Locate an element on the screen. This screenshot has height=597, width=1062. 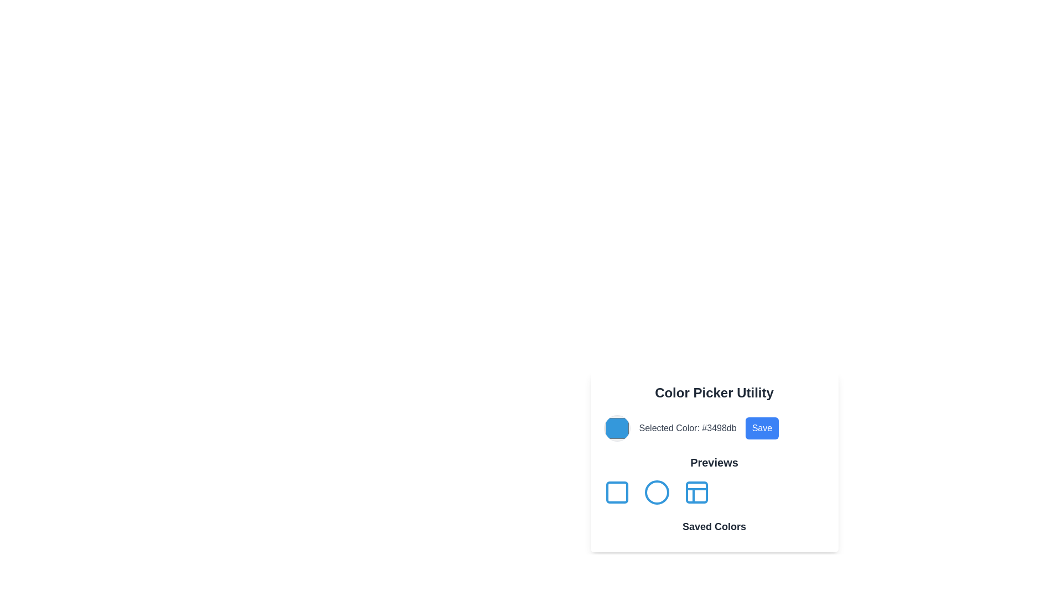
text element labeled 'Previews', which is prominently displayed in bold, enlarged grayish-black font, positioned below the 'Selected Color' display is located at coordinates (714, 463).